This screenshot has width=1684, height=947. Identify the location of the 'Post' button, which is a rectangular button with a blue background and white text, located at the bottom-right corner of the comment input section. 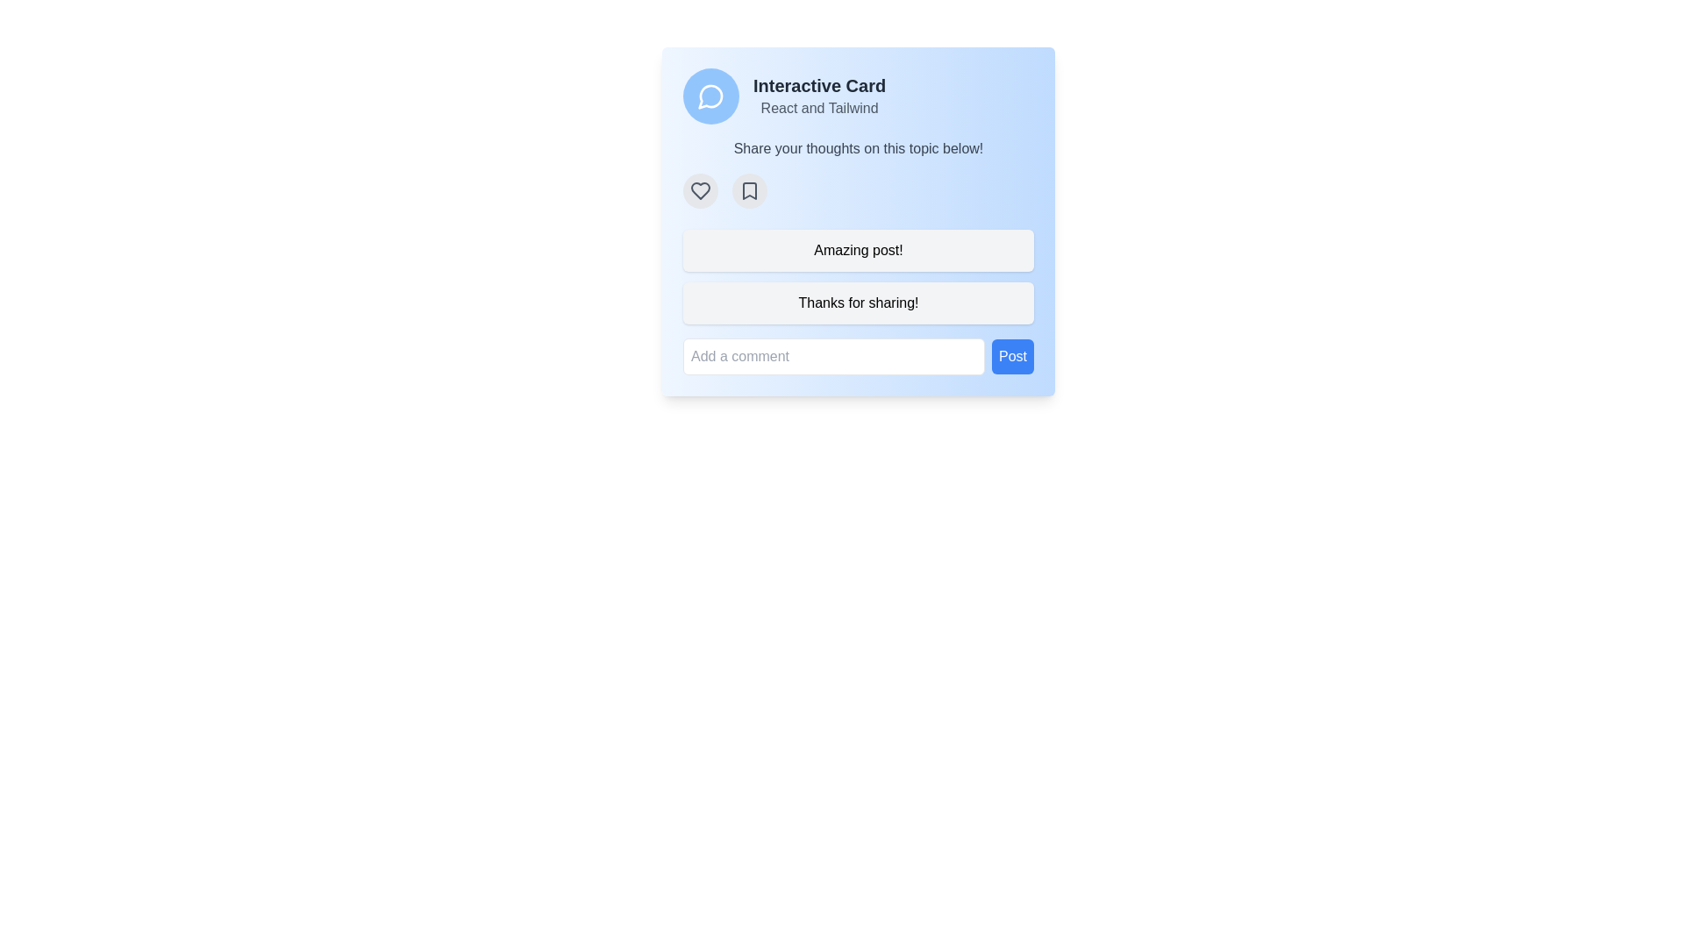
(1013, 356).